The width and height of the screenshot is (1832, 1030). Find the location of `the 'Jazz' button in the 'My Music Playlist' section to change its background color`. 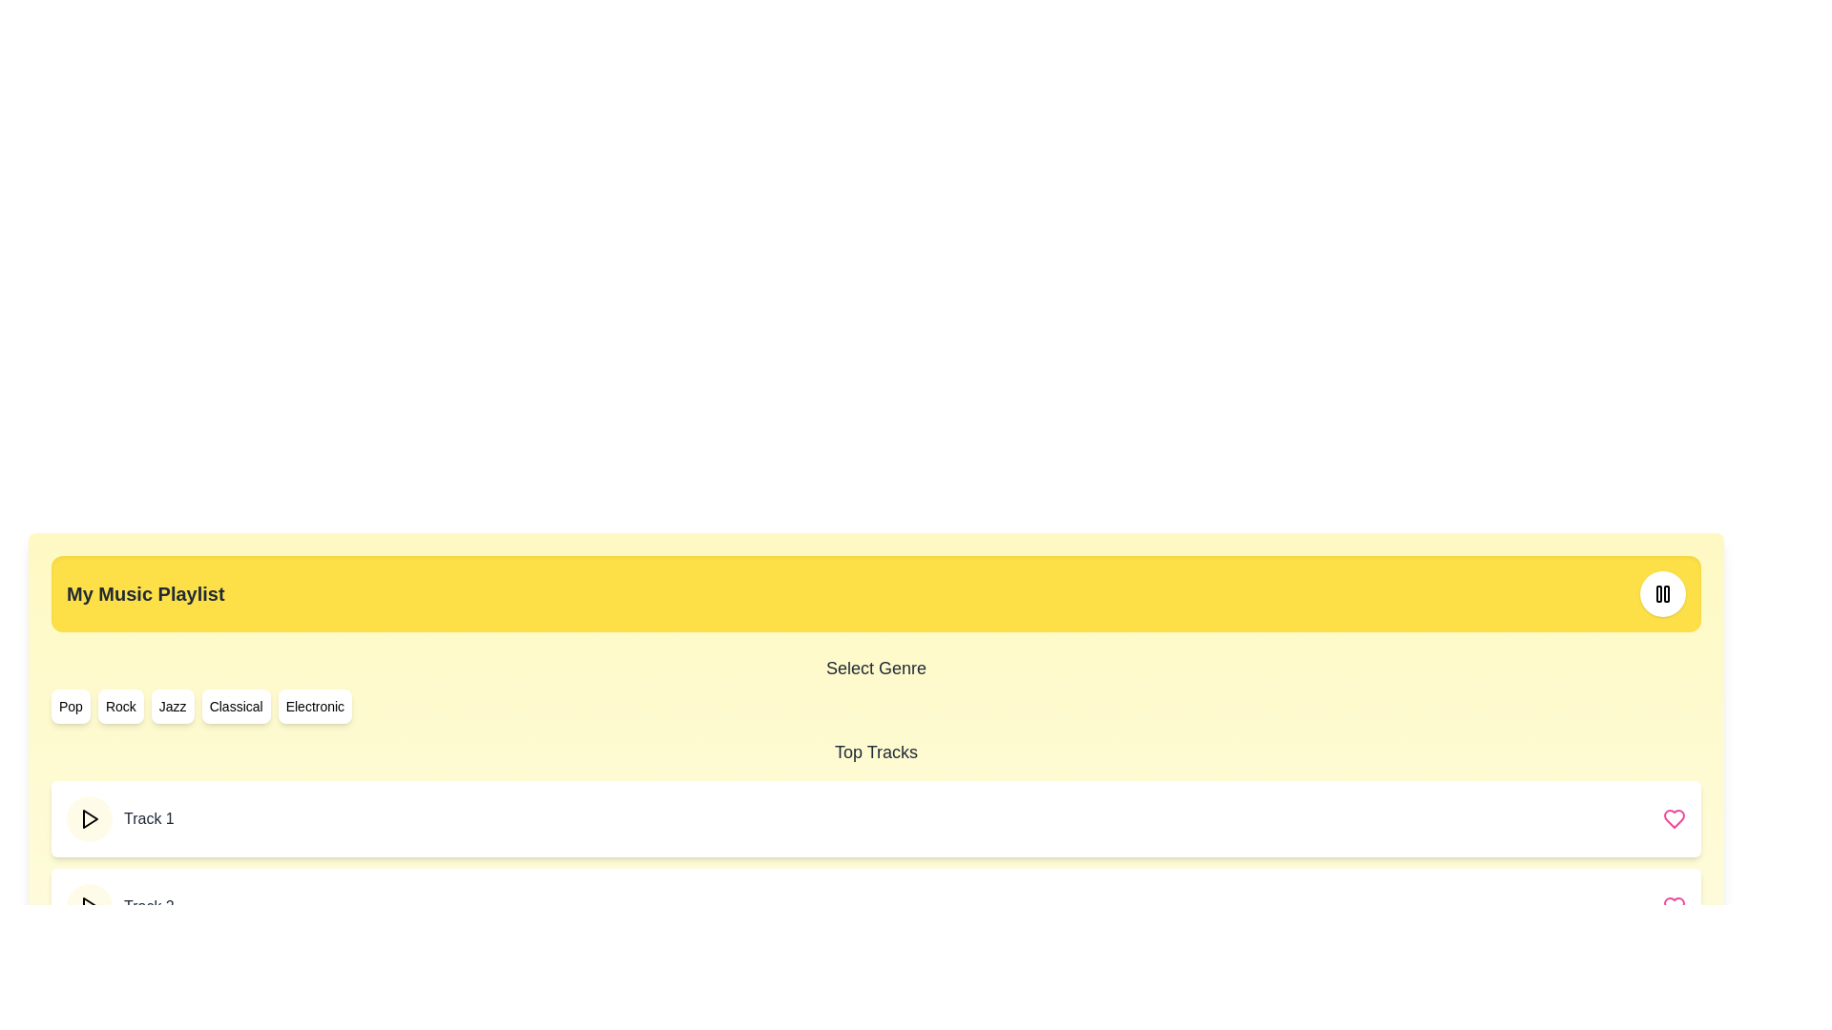

the 'Jazz' button in the 'My Music Playlist' section to change its background color is located at coordinates (173, 706).